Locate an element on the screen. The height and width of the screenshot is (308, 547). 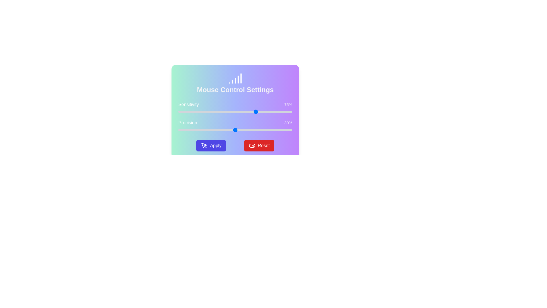
'Precision' label that displays '30%' on the right side, located centrally in the settings panel above the precision slider is located at coordinates (235, 123).